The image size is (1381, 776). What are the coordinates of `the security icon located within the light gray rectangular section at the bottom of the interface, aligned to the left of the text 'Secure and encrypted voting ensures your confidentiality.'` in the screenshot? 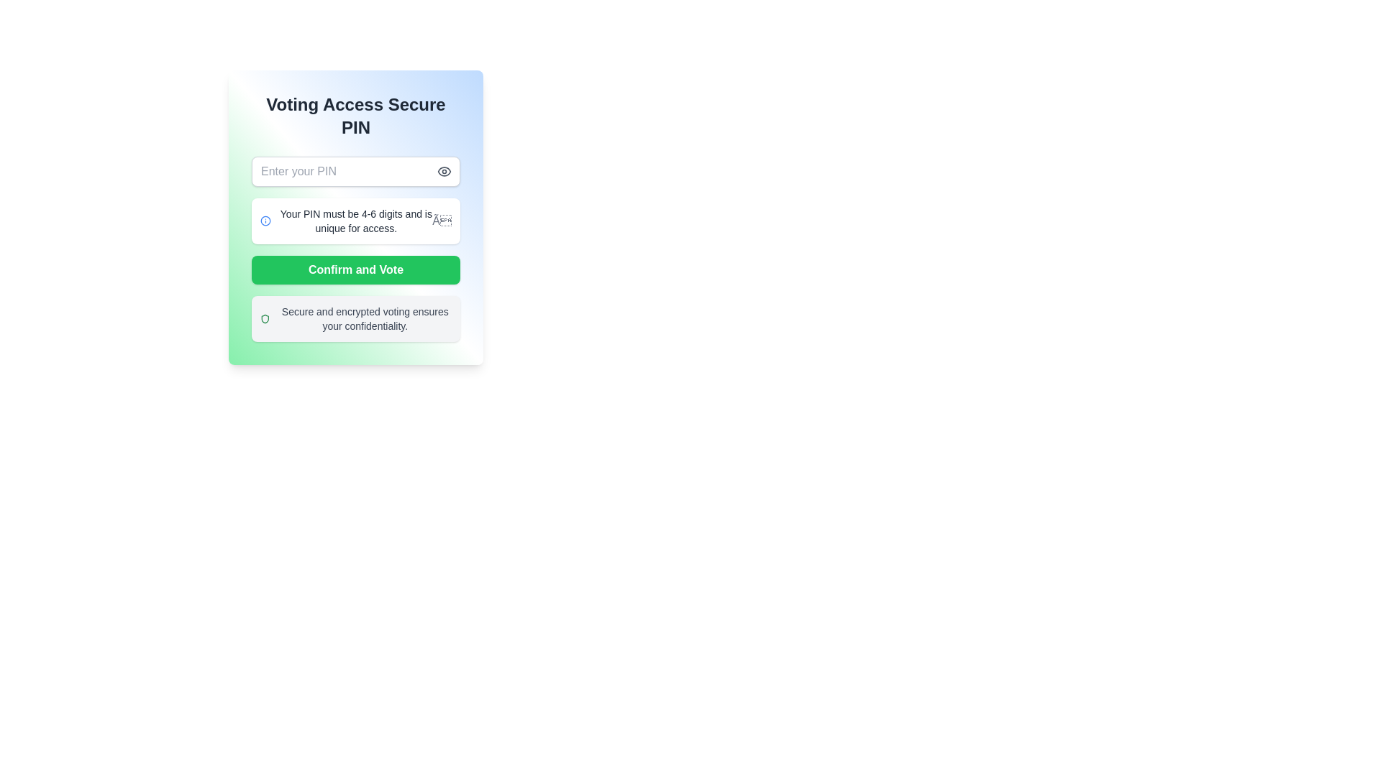 It's located at (265, 318).